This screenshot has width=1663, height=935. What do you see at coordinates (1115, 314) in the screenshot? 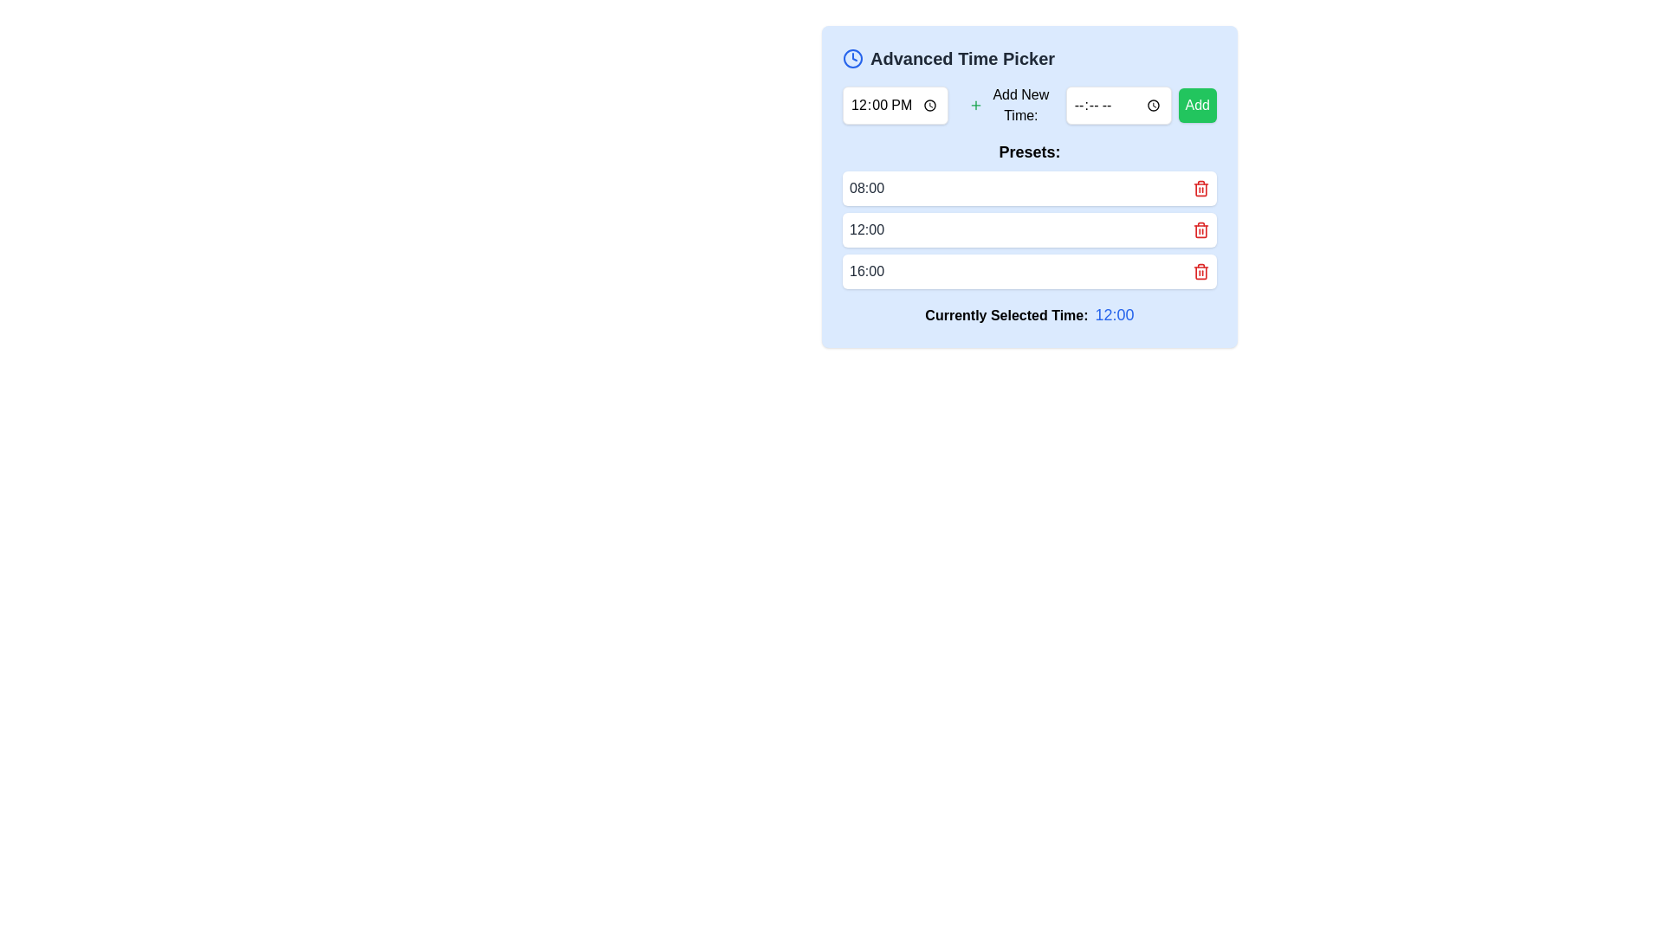
I see `the text display element showing '12:00' in bold blue font, located at the bottom right corner of the time picker interface` at bounding box center [1115, 314].